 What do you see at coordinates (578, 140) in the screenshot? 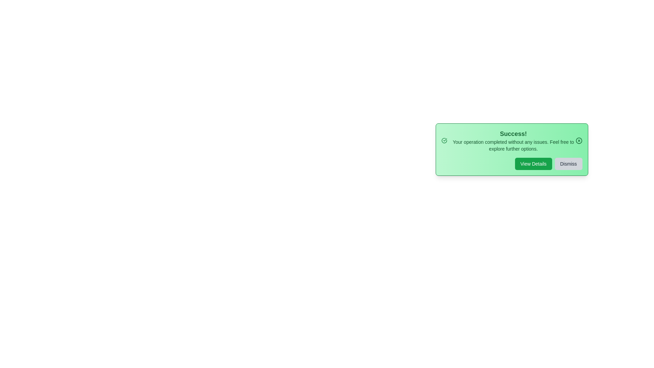
I see `the close button to dismiss the alert` at bounding box center [578, 140].